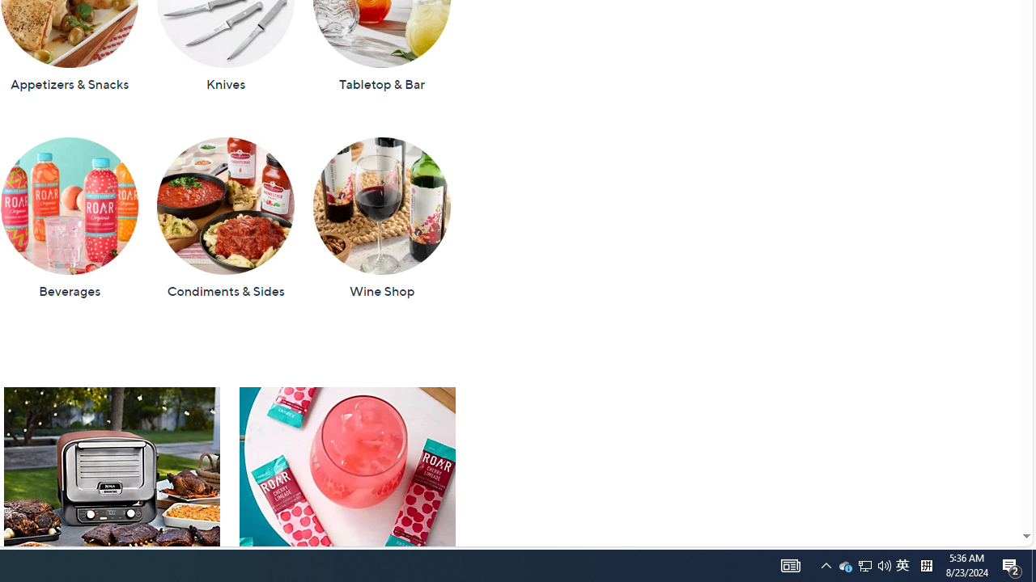 This screenshot has width=1036, height=582. I want to click on 'Beverages', so click(69, 218).